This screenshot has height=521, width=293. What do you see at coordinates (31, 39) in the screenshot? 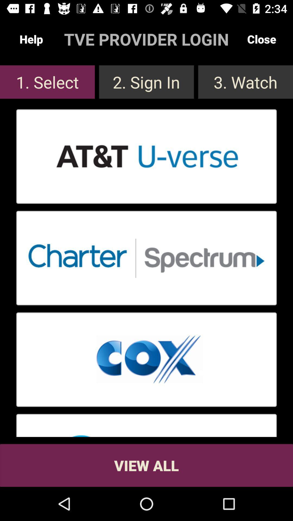
I see `help button` at bounding box center [31, 39].